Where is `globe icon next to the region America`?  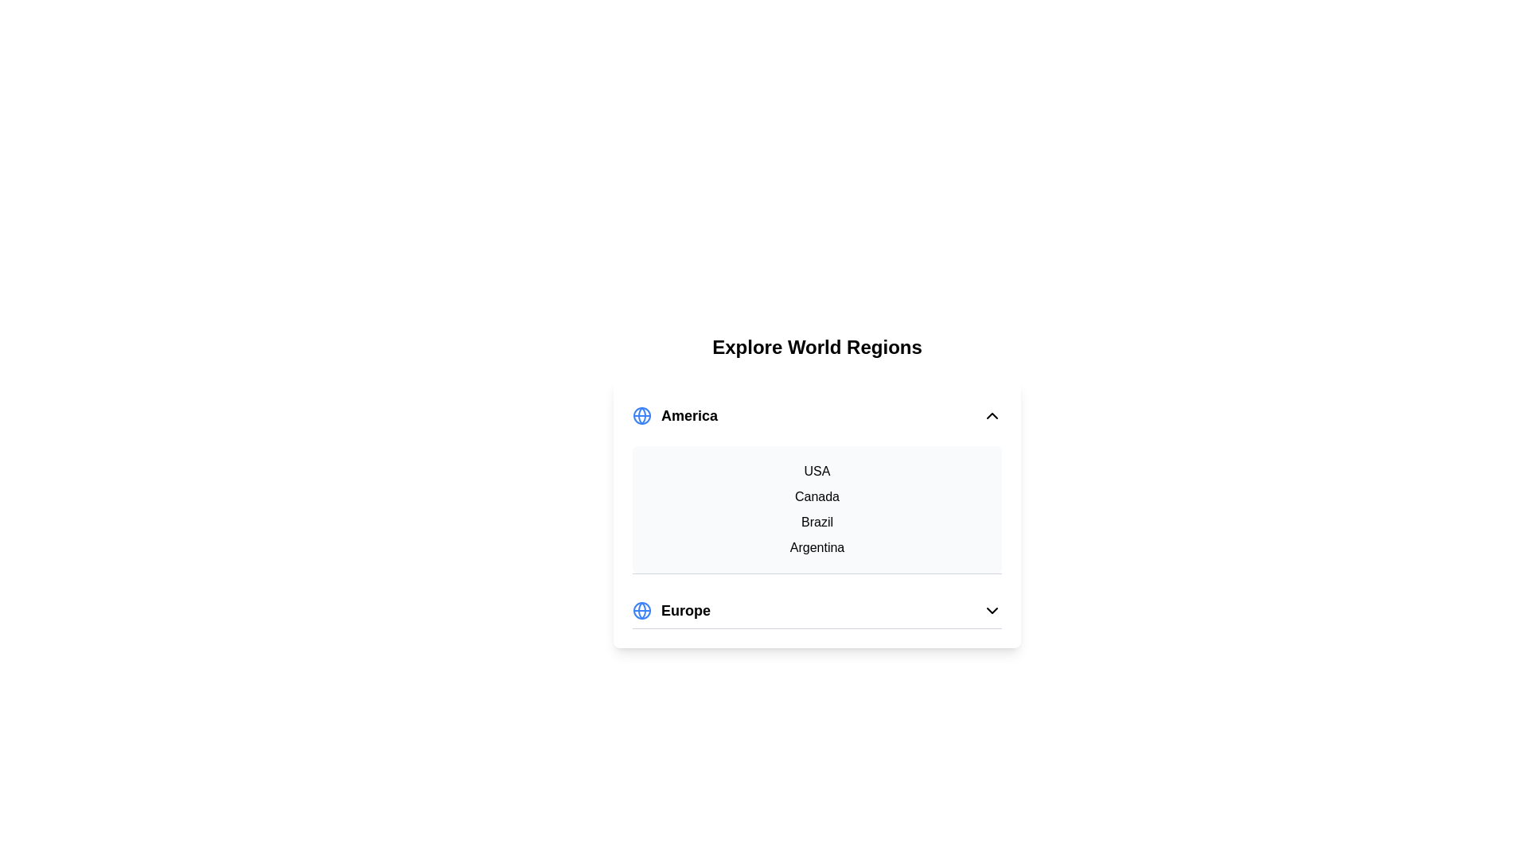 globe icon next to the region America is located at coordinates (641, 415).